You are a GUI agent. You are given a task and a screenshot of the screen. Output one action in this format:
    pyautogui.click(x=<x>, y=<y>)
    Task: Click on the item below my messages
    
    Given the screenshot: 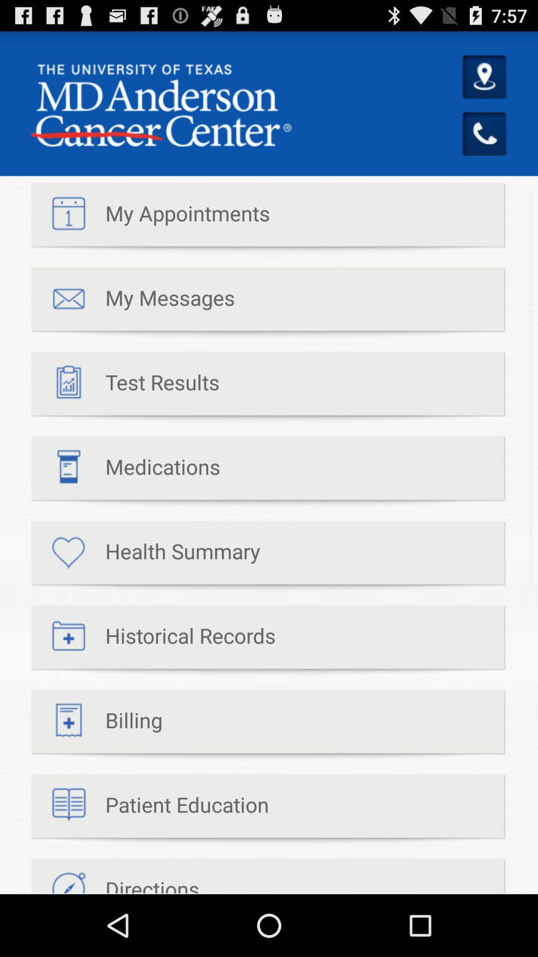 What is the action you would take?
    pyautogui.click(x=125, y=387)
    